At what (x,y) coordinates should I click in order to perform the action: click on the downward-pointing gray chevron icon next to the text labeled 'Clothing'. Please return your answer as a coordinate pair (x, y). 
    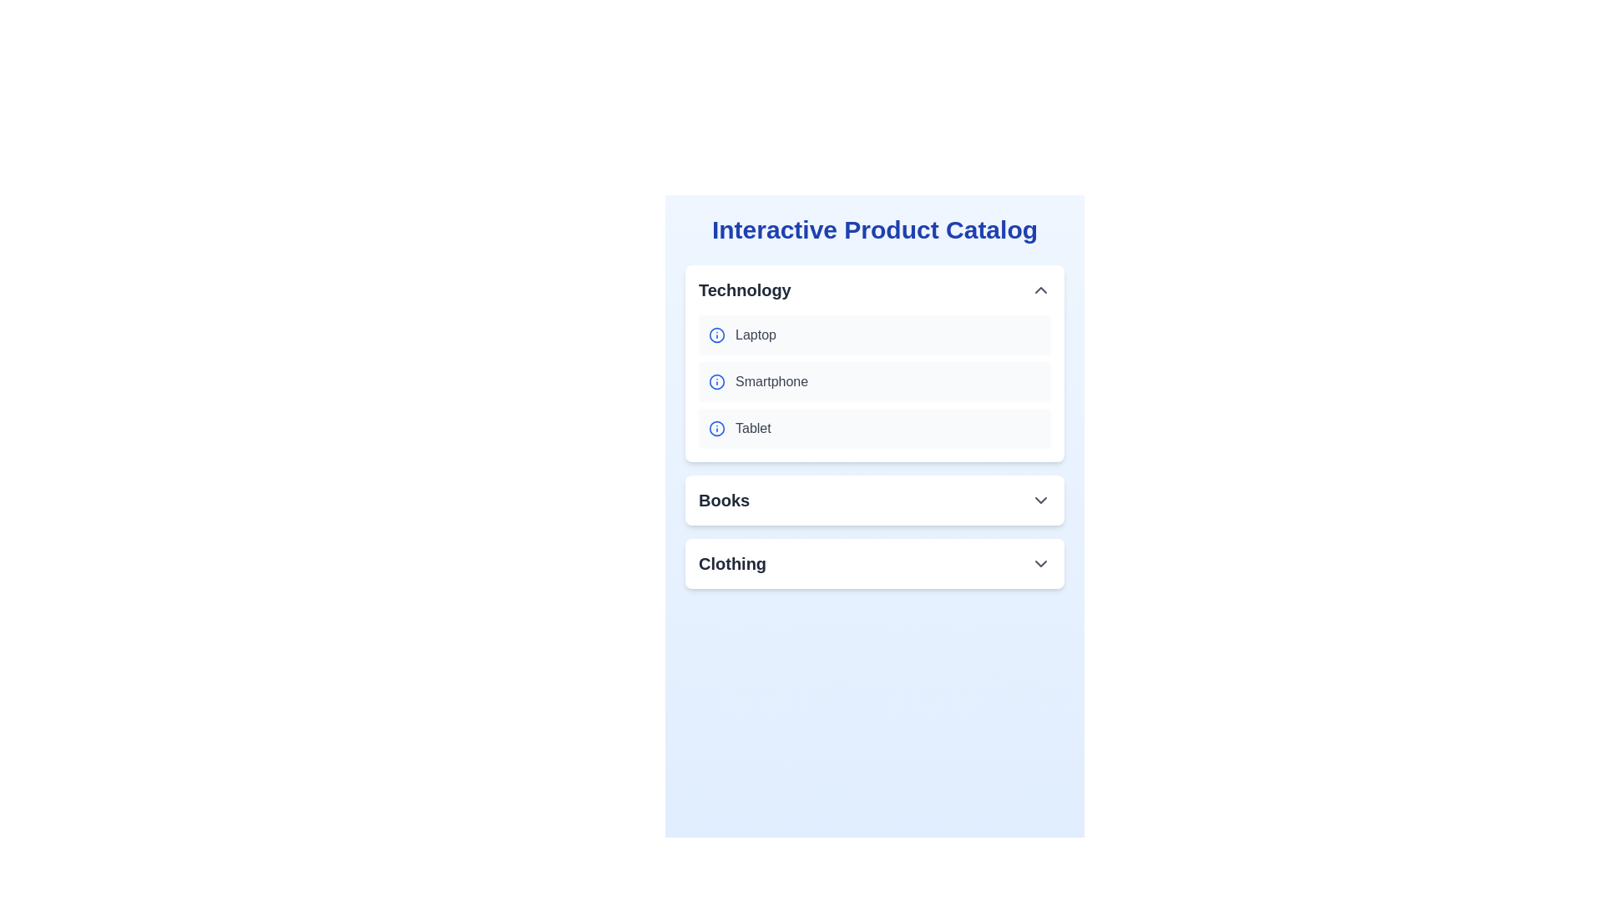
    Looking at the image, I should click on (1040, 563).